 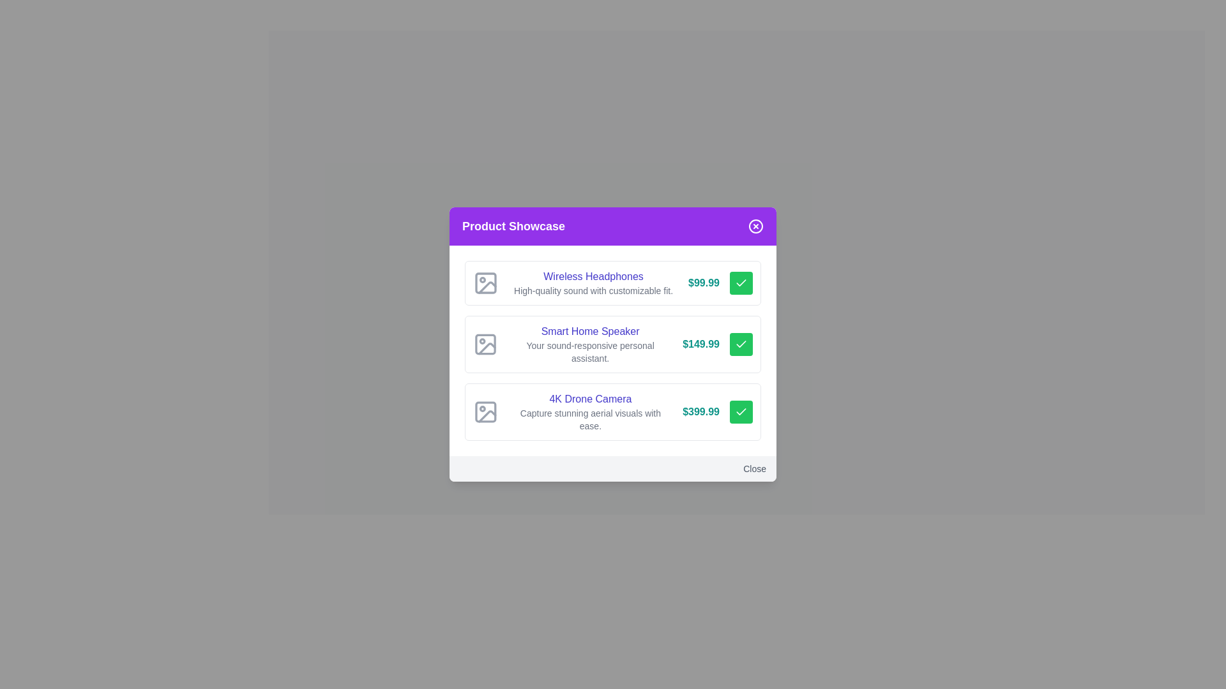 What do you see at coordinates (741, 282) in the screenshot?
I see `the green button containing the check icon for the 'Smart Home Speaker'` at bounding box center [741, 282].